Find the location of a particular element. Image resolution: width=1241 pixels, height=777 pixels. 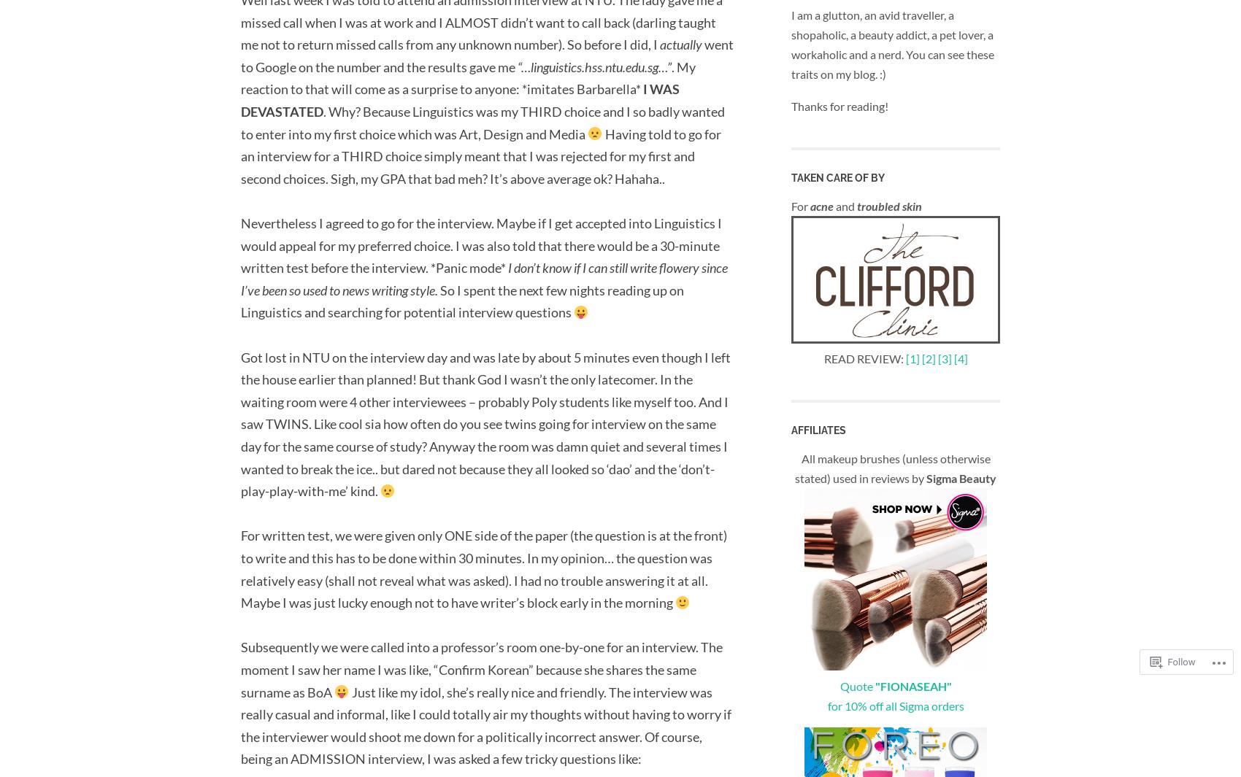

'For written test, we were given only ONE side of the paper (the question is at the front) to write and this has to be done within 30 minutes. In my opinion… the question was relatively easy (shall not reveal what was asked). I had no trouble answering it at all. Maybe I was just lucky enough not to have writer’s block early in the morning' is located at coordinates (484, 569).